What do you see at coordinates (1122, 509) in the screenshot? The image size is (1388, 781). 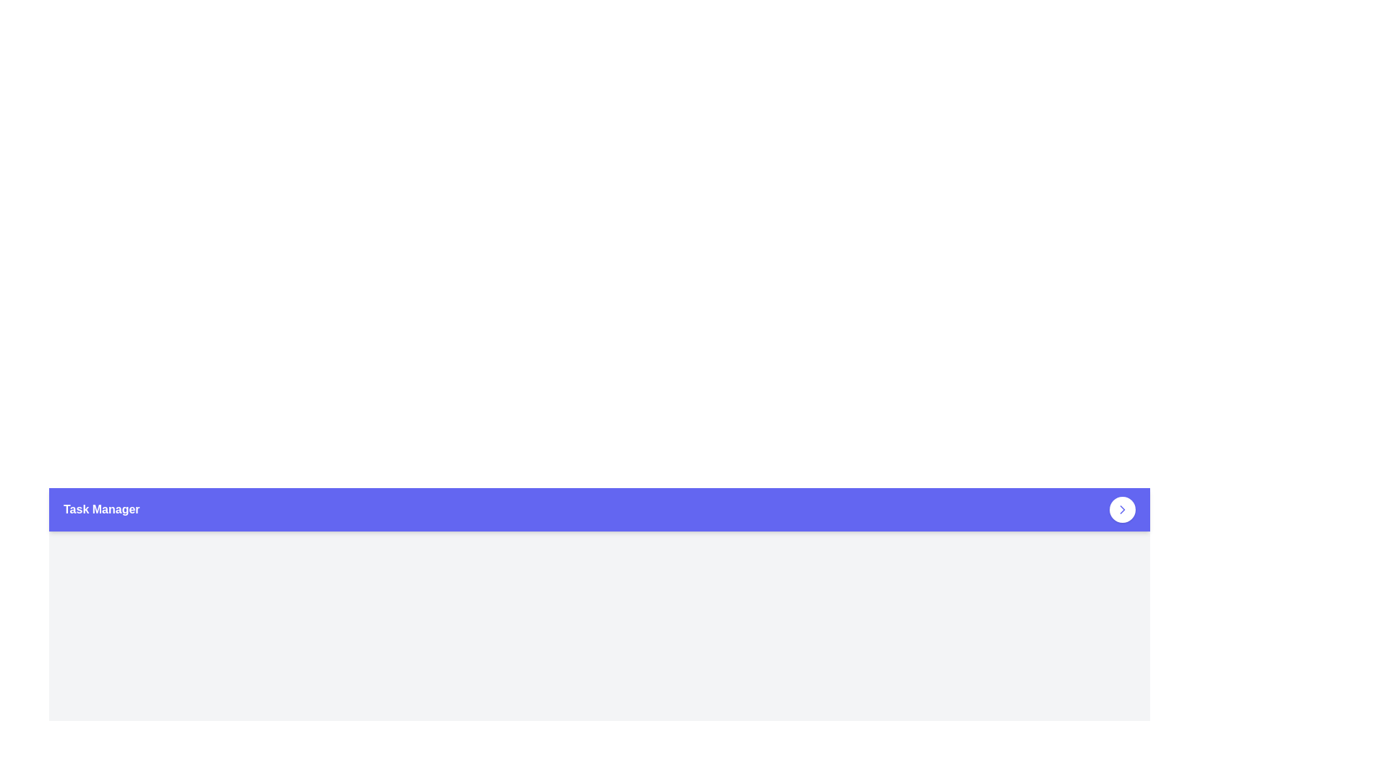 I see `the navigation icon located near the top-right corner of the interface beside the 'Task Manager' header to initiate a navigation action` at bounding box center [1122, 509].